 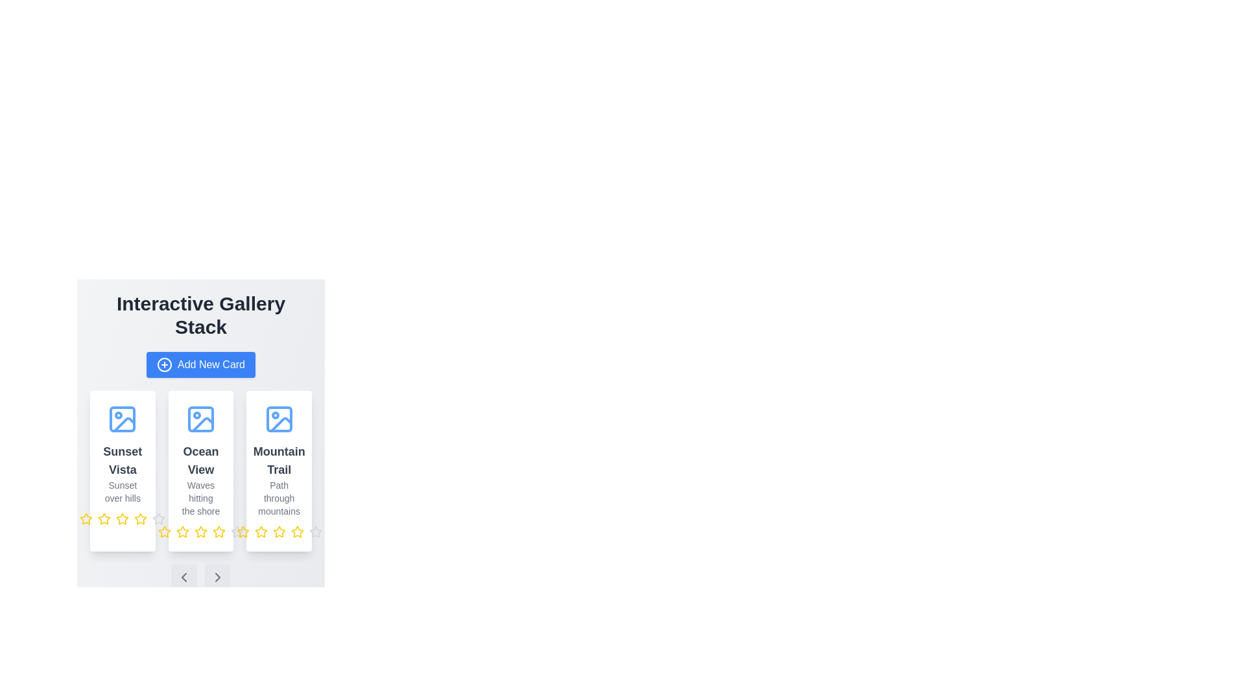 What do you see at coordinates (315, 531) in the screenshot?
I see `the hollow star icon, which is the rightmost star` at bounding box center [315, 531].